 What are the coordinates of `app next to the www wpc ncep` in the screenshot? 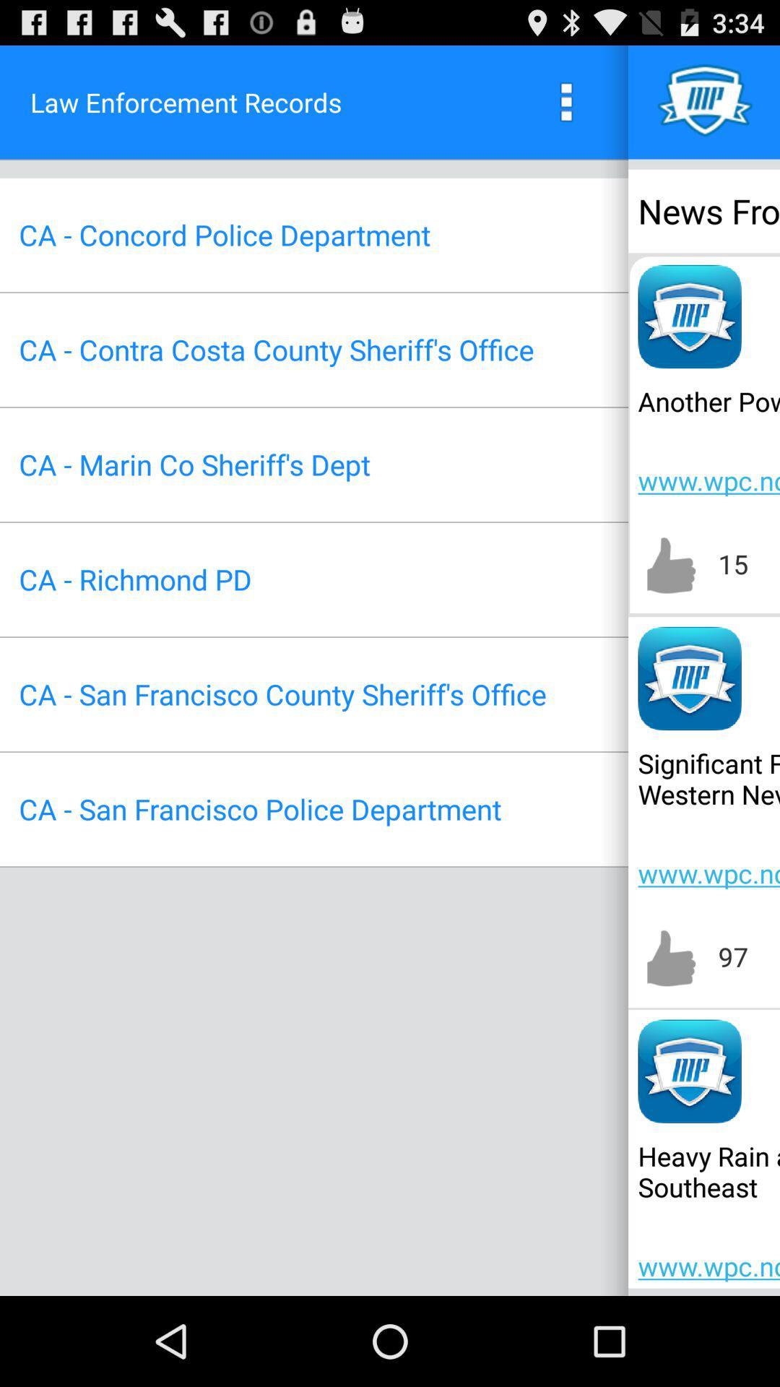 It's located at (194, 465).